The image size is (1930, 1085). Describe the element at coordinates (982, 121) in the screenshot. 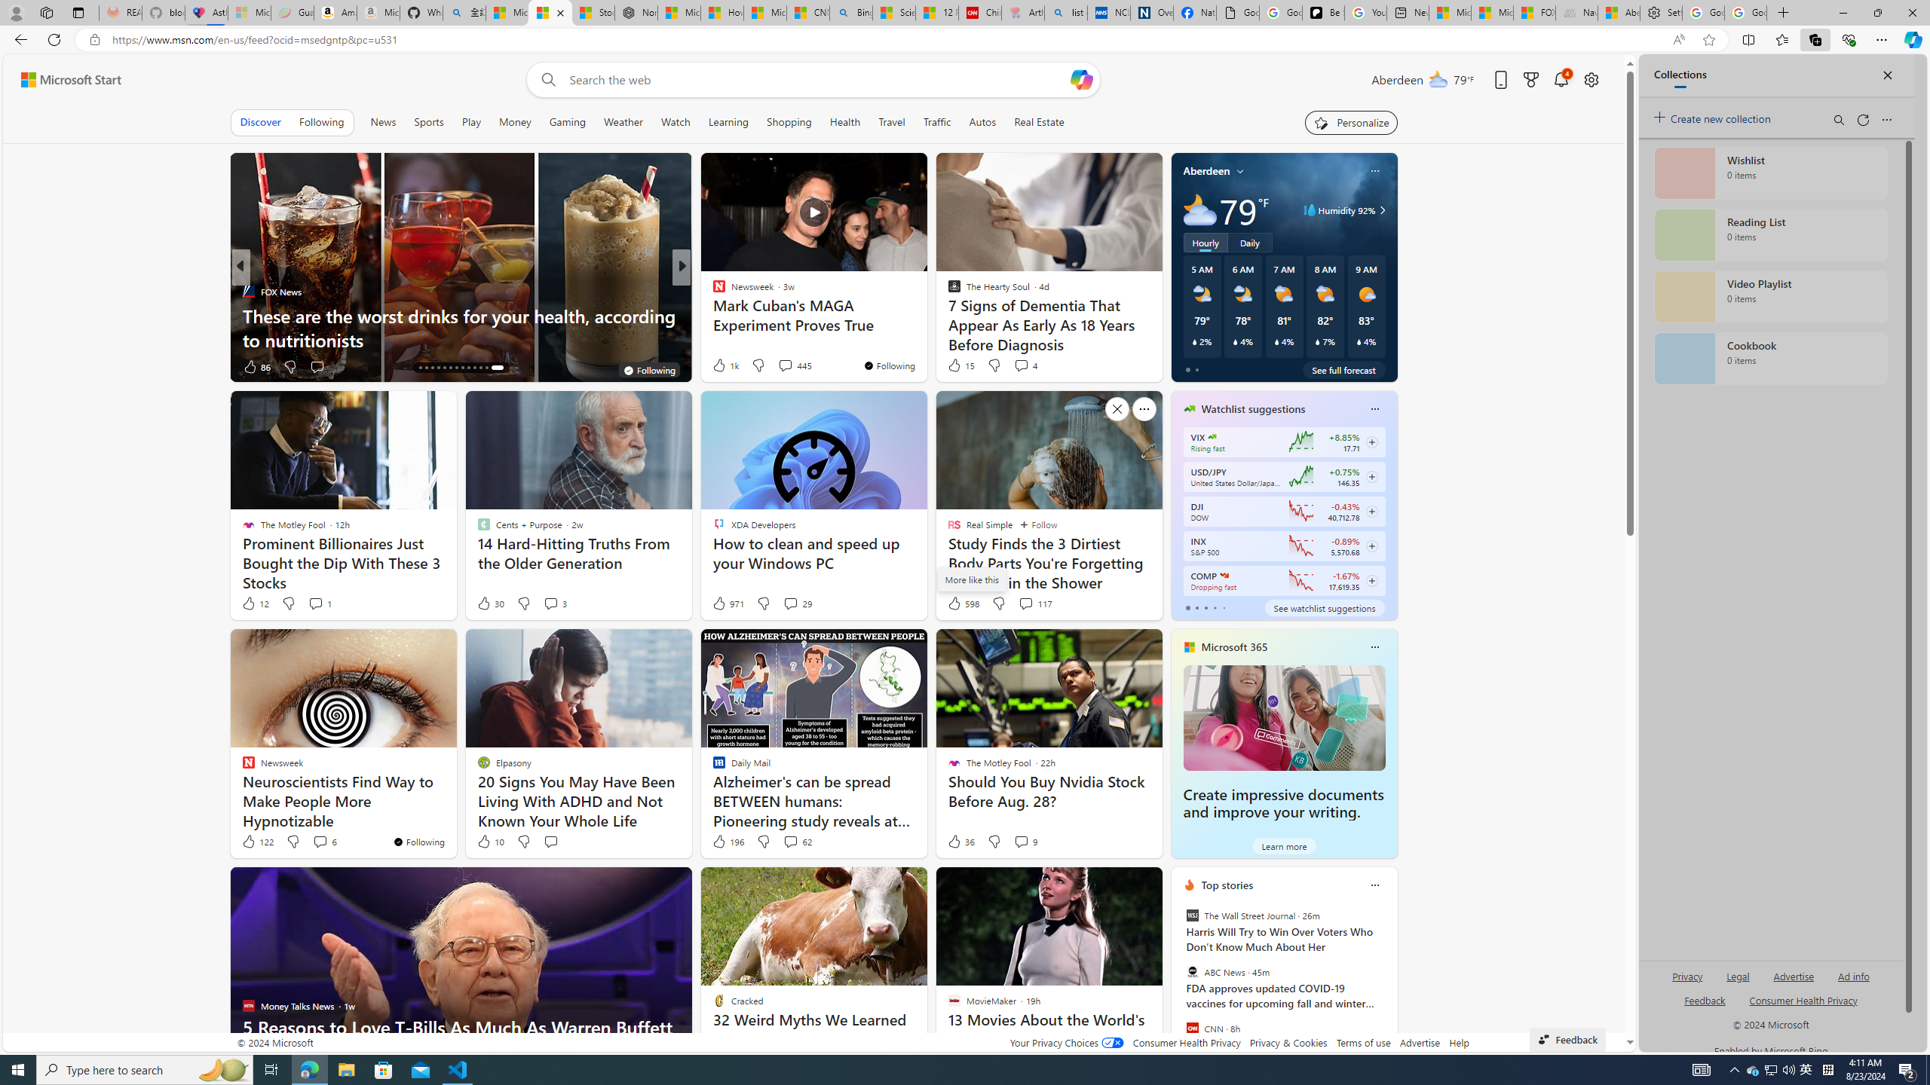

I see `'Autos'` at that location.